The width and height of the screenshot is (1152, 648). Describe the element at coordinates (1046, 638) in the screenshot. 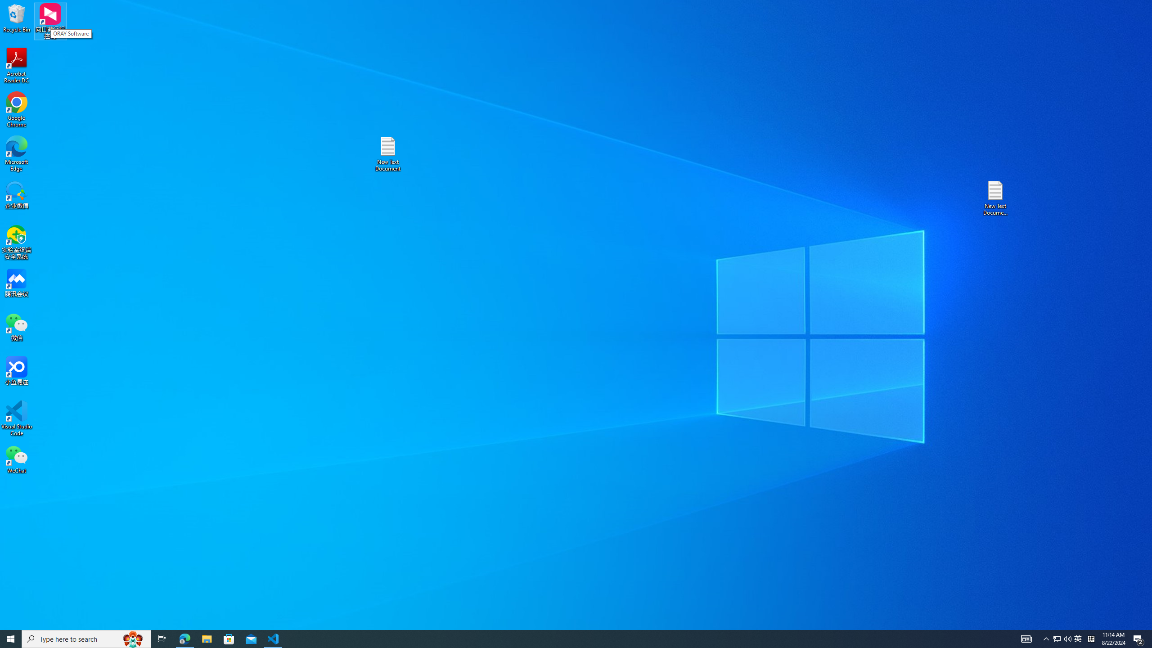

I see `'Notification Chevron'` at that location.